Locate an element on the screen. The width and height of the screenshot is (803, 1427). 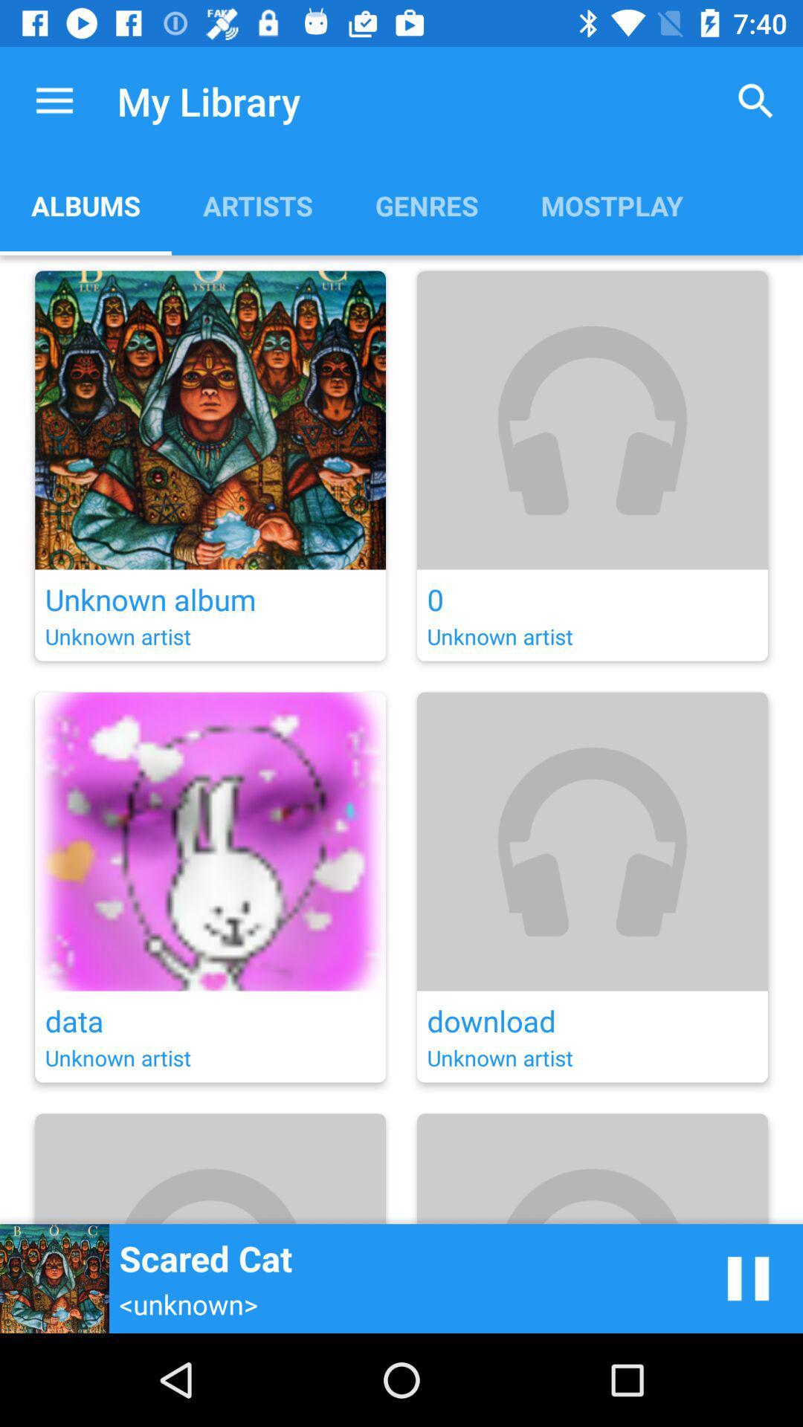
pause button is located at coordinates (748, 1278).